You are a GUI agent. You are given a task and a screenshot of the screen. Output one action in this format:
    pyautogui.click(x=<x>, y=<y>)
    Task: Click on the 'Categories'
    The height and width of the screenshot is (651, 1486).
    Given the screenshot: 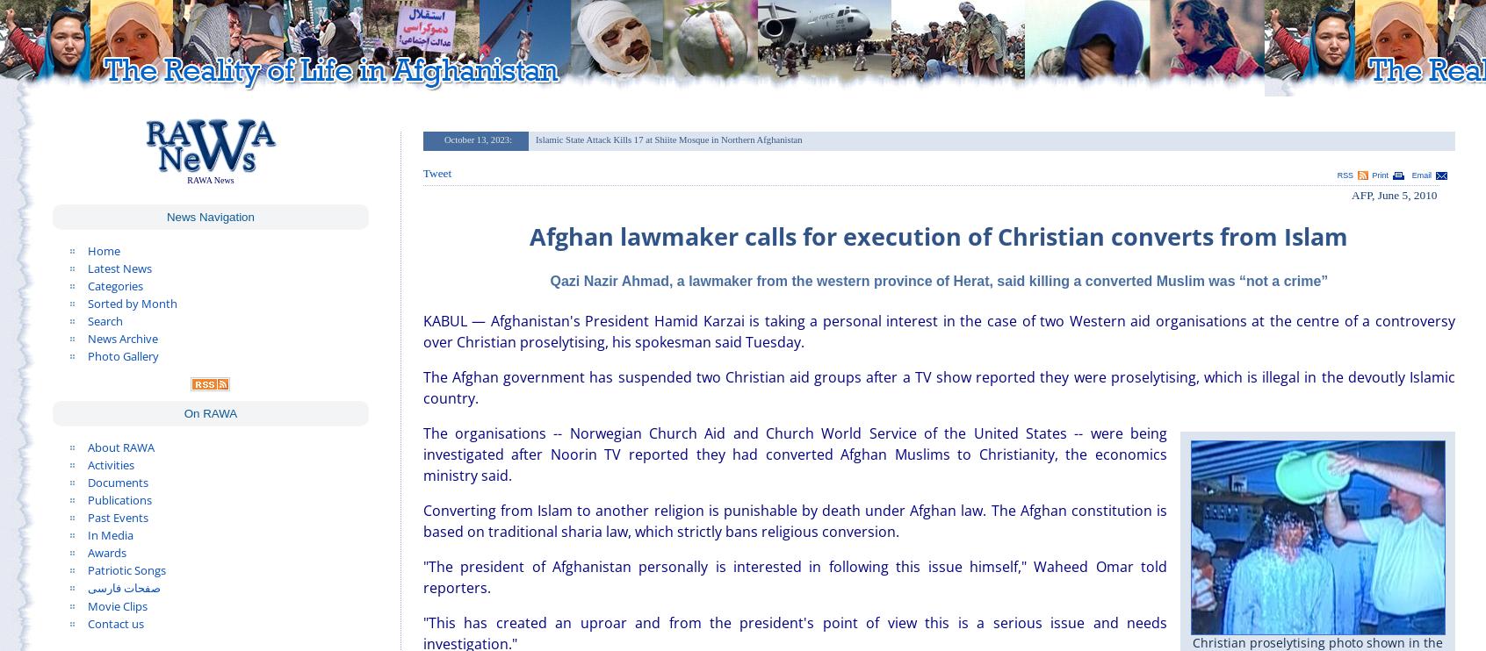 What is the action you would take?
    pyautogui.click(x=115, y=285)
    